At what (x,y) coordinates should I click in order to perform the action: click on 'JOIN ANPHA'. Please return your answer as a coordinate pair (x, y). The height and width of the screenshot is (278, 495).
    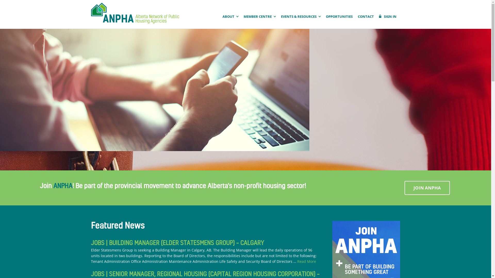
    Looking at the image, I should click on (427, 188).